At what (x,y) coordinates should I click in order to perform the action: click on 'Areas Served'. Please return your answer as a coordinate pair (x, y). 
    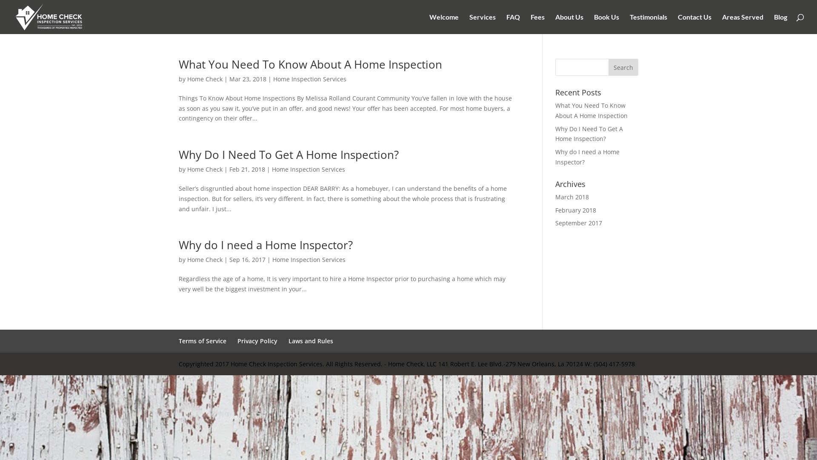
    Looking at the image, I should click on (742, 23).